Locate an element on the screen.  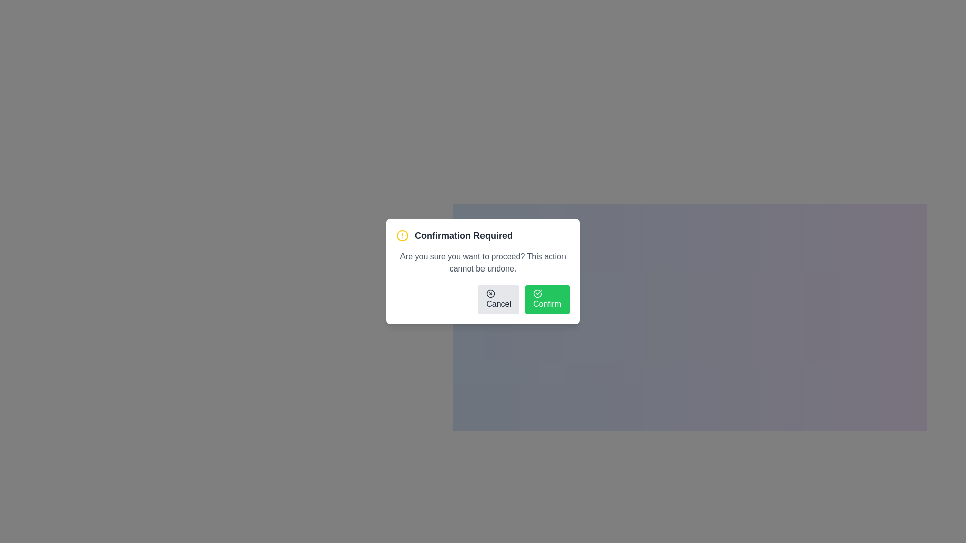
the static text heading that serves as the title for the modal dialog, located to the right of a warning icon and centered horizontally in the upper section of the dialog is located at coordinates (463, 236).